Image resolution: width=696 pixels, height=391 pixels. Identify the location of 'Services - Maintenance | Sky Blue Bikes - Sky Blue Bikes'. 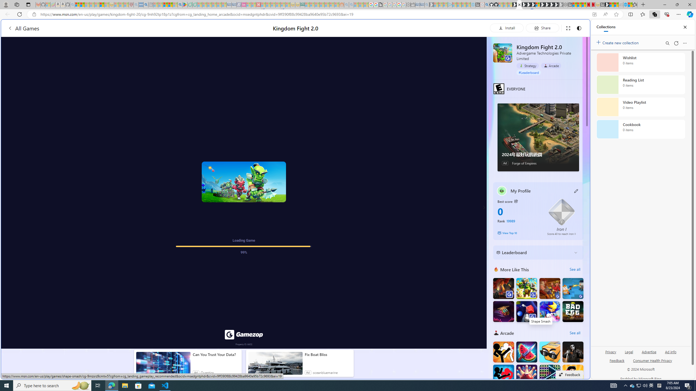
(625, 4).